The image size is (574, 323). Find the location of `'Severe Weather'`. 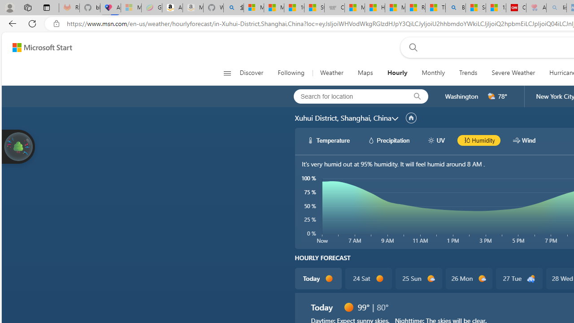

'Severe Weather' is located at coordinates (513, 73).